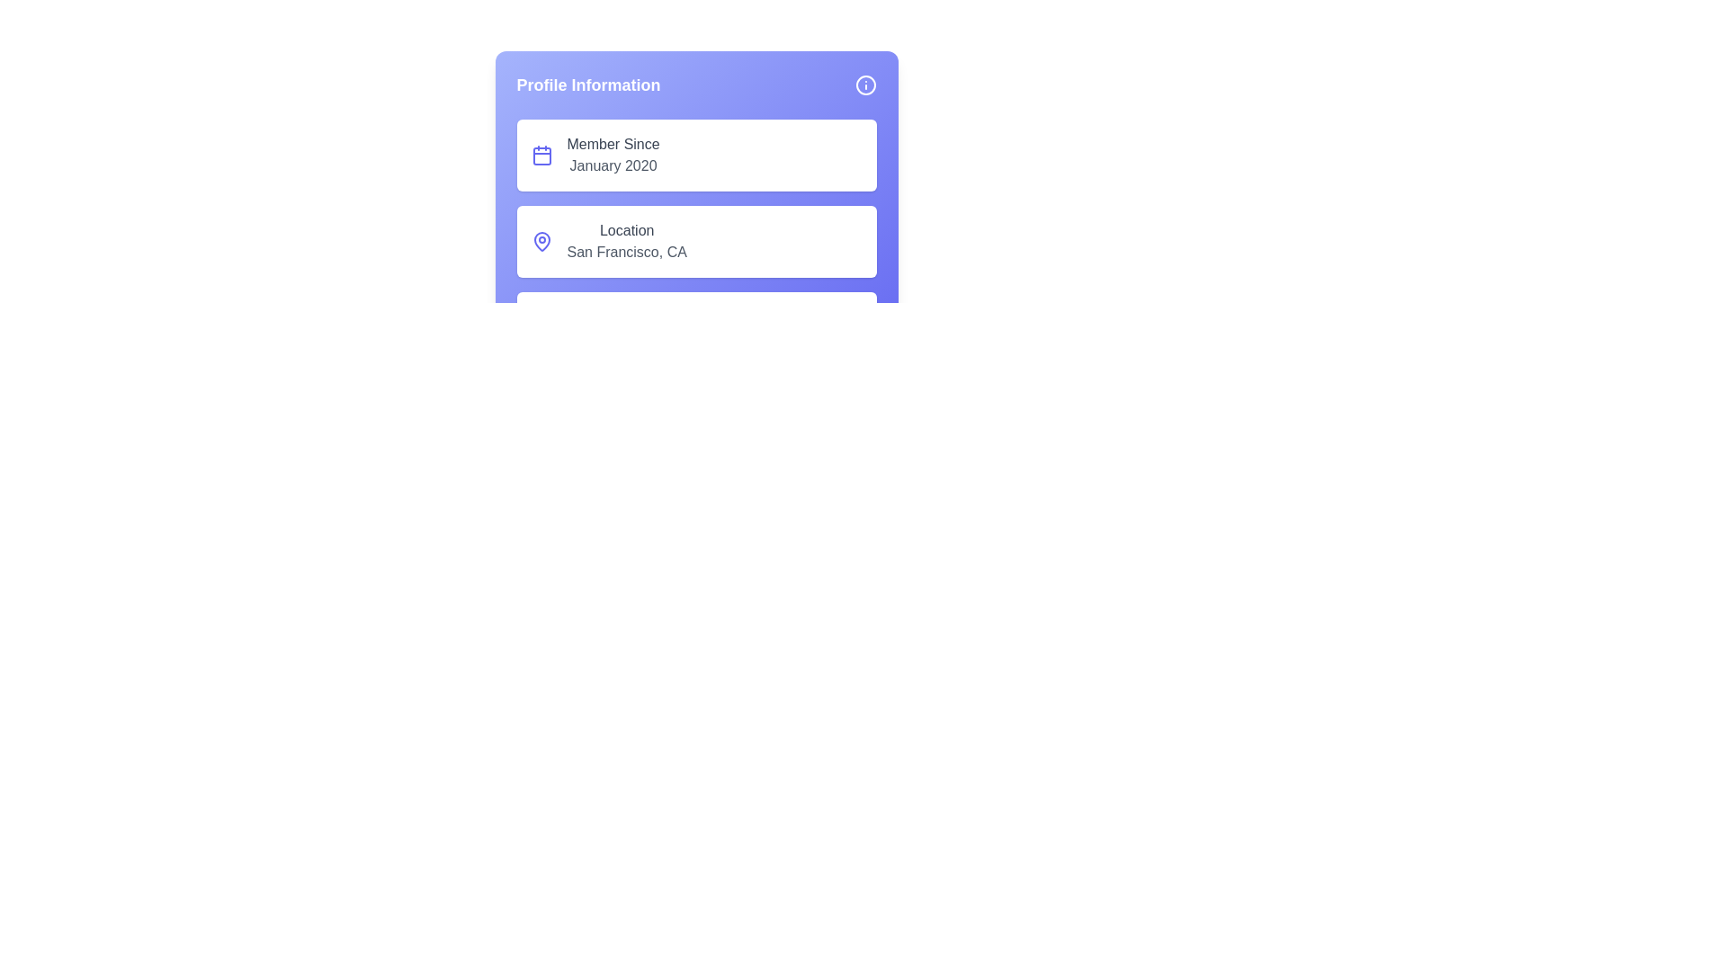  Describe the element at coordinates (613, 144) in the screenshot. I see `the static text label indicating the significance of the membership date in the 'Profile Information' section, positioned above 'January 2020'` at that location.